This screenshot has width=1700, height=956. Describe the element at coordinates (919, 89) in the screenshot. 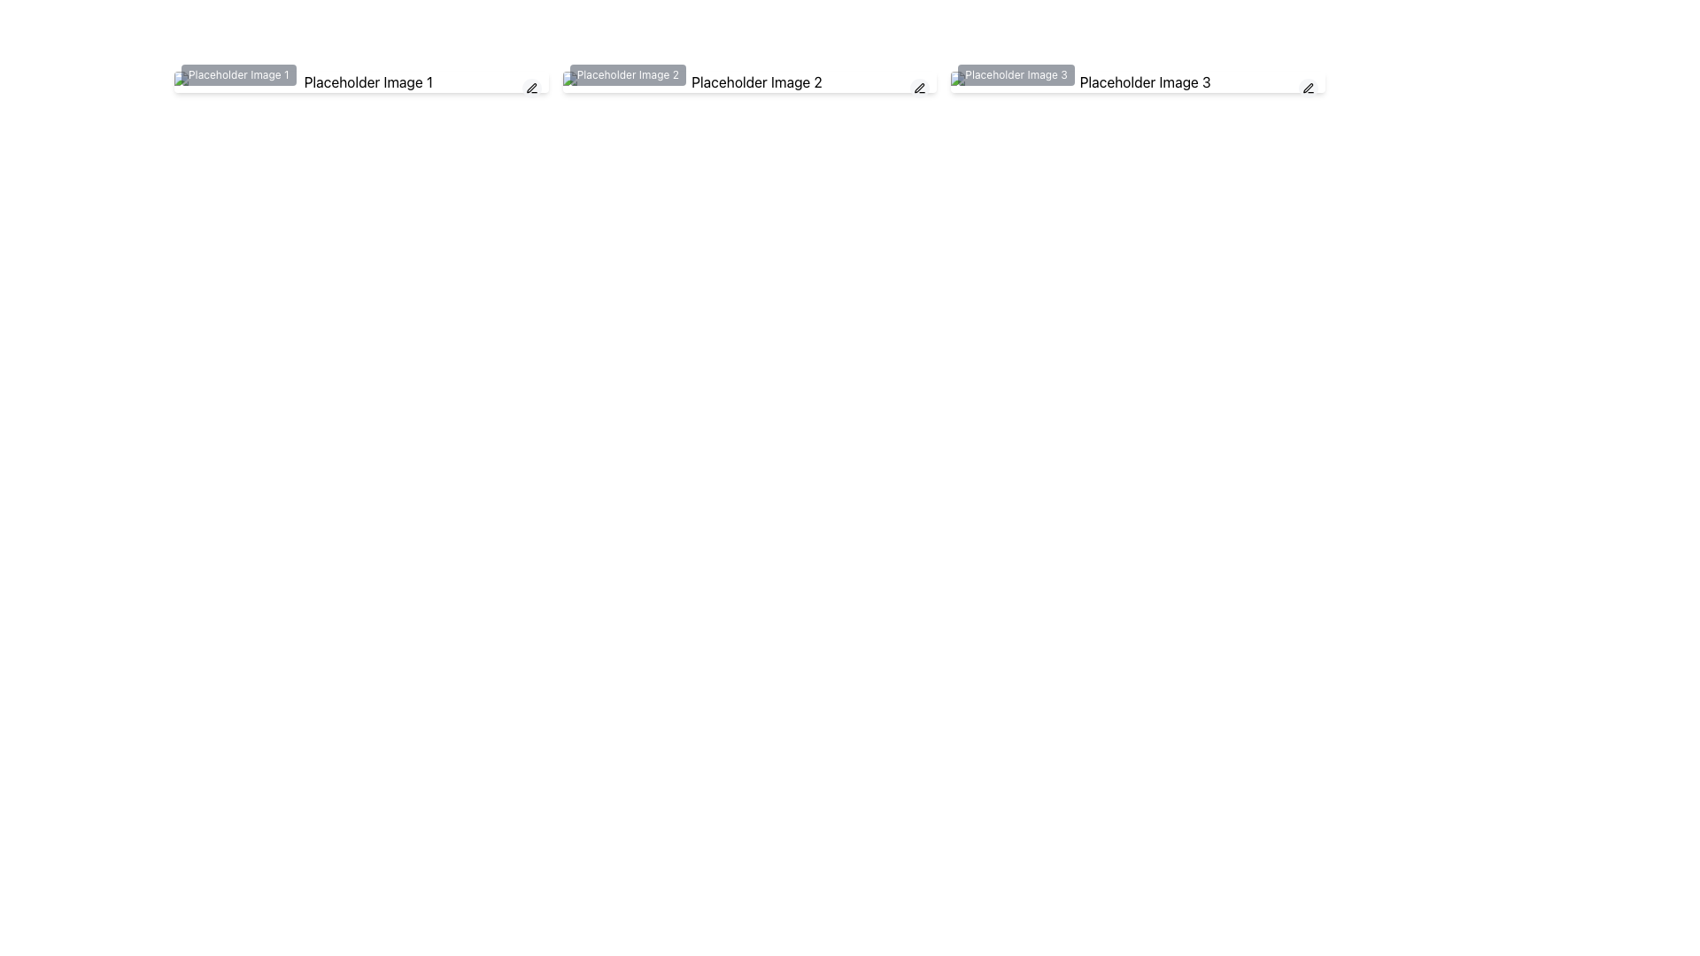

I see `the small circular button with a pen icon located at the top-right corner of the content tile labeled 'Placeholder Image 2' to initiate editing` at that location.